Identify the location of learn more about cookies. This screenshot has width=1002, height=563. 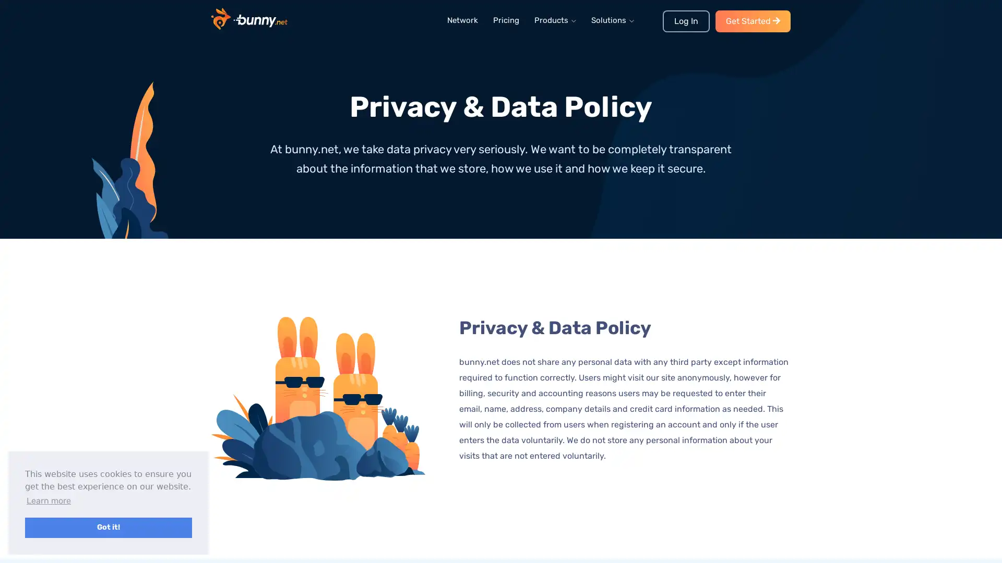
(48, 500).